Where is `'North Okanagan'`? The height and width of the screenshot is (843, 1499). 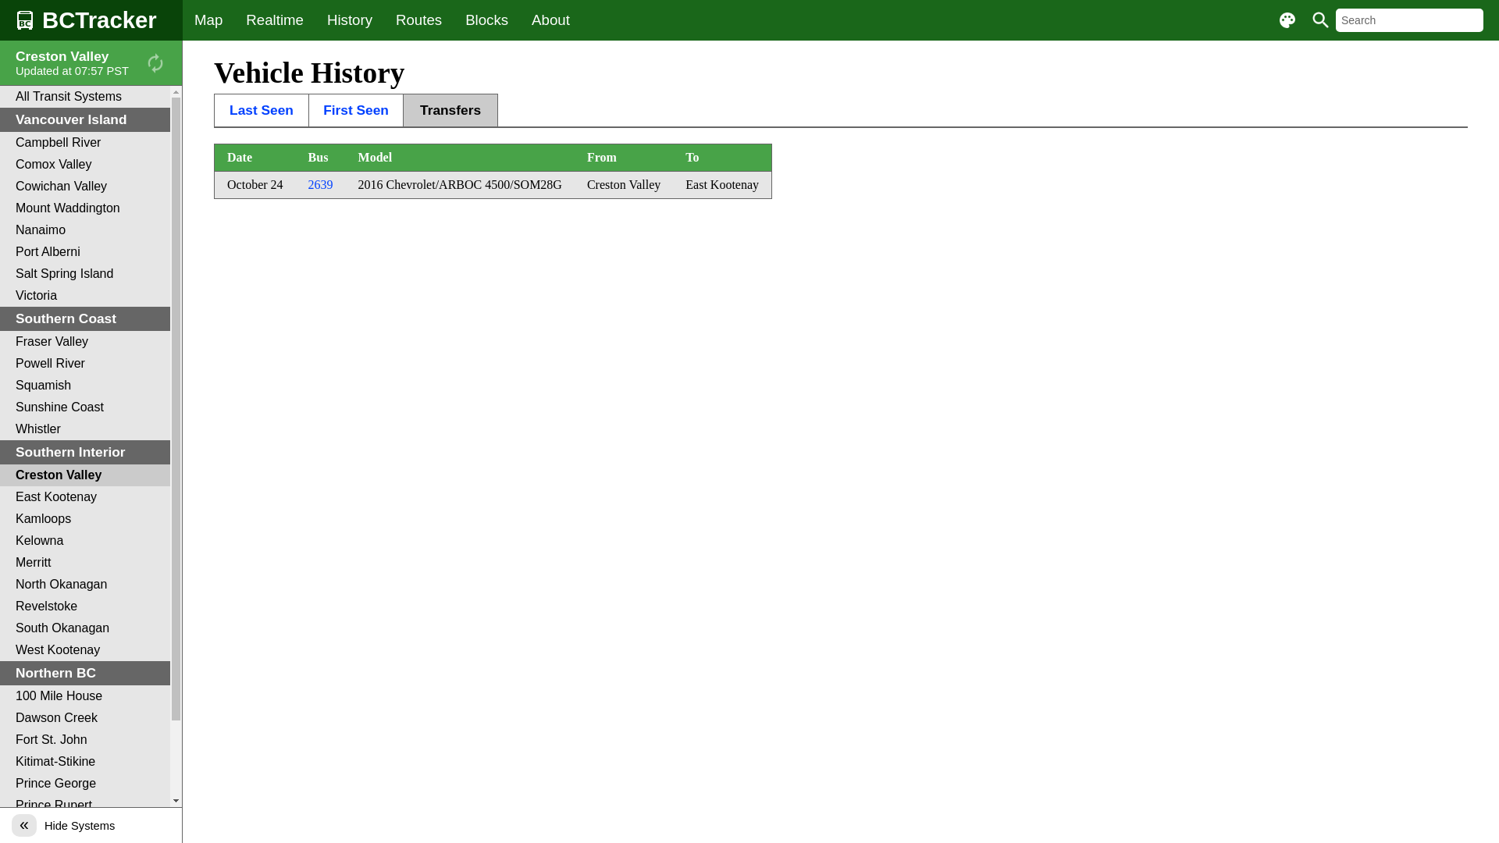
'North Okanagan' is located at coordinates (84, 584).